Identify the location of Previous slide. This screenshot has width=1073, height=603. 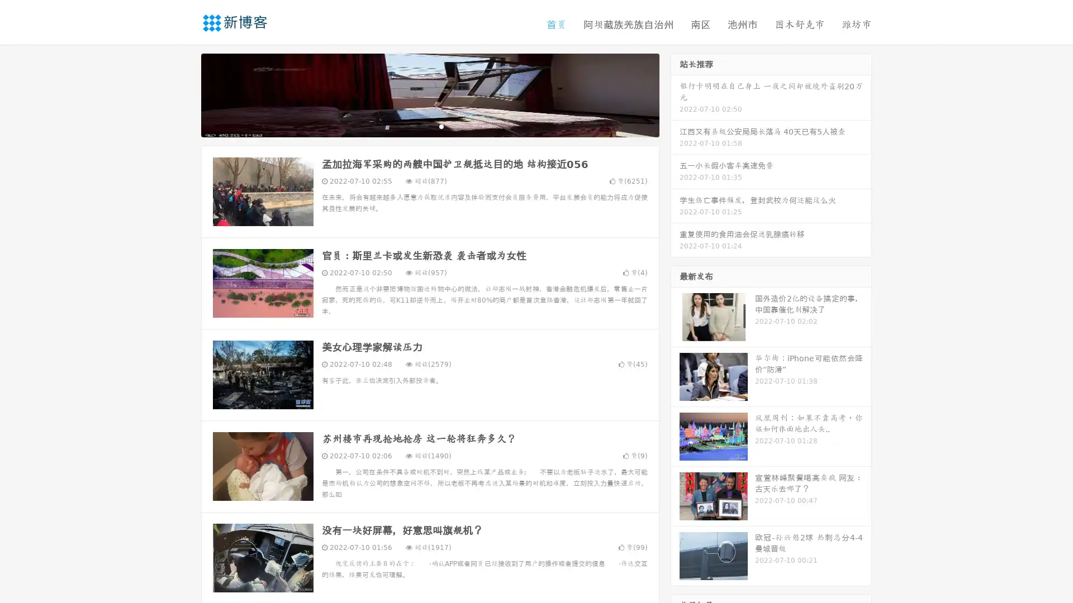
(184, 94).